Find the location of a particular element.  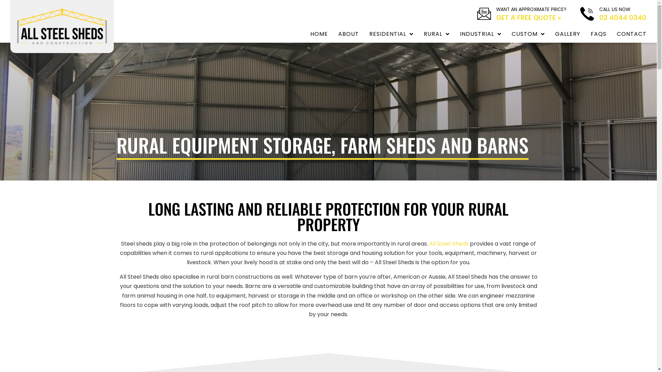

'FAQS' is located at coordinates (598, 34).